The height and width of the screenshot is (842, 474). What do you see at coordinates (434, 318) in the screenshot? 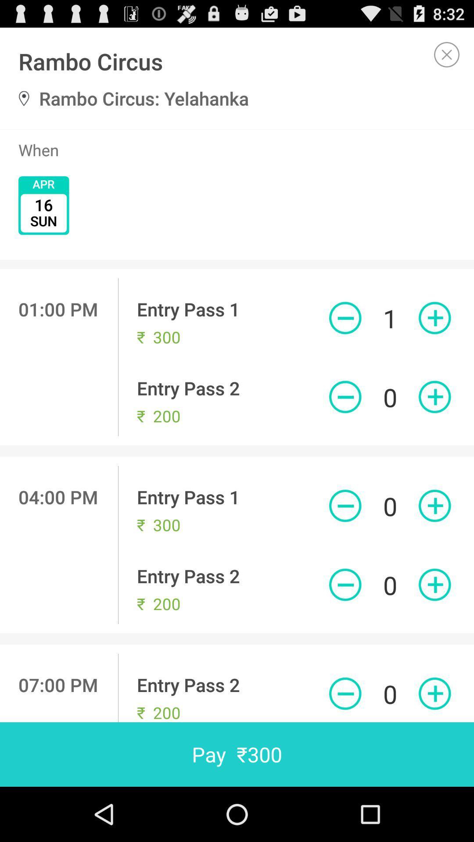
I see `entry pass` at bounding box center [434, 318].